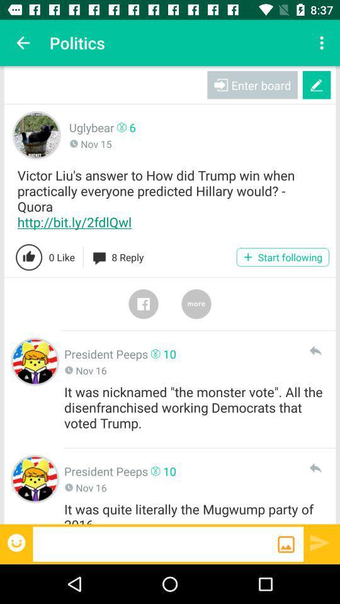  Describe the element at coordinates (35, 362) in the screenshot. I see `check profile` at that location.